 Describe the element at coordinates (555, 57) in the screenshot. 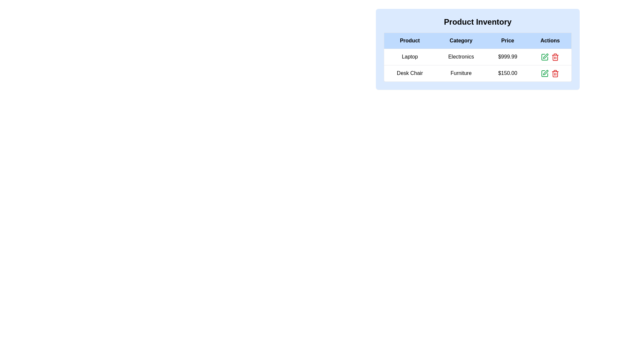

I see `the red trash bin icon button under the 'Actions' column in the first row corresponding to the product labeled 'Laptop' to initiate the delete action` at that location.